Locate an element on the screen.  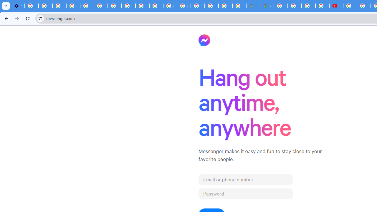
'Email or phone number' is located at coordinates (246, 179).